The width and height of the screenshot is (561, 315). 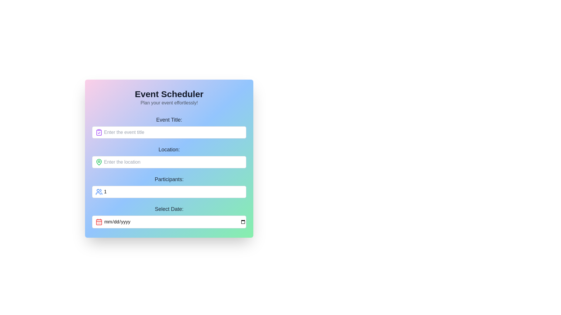 I want to click on the static text label indicating the title of the event in the vertical form layout, positioned at the top of the form, so click(x=169, y=127).